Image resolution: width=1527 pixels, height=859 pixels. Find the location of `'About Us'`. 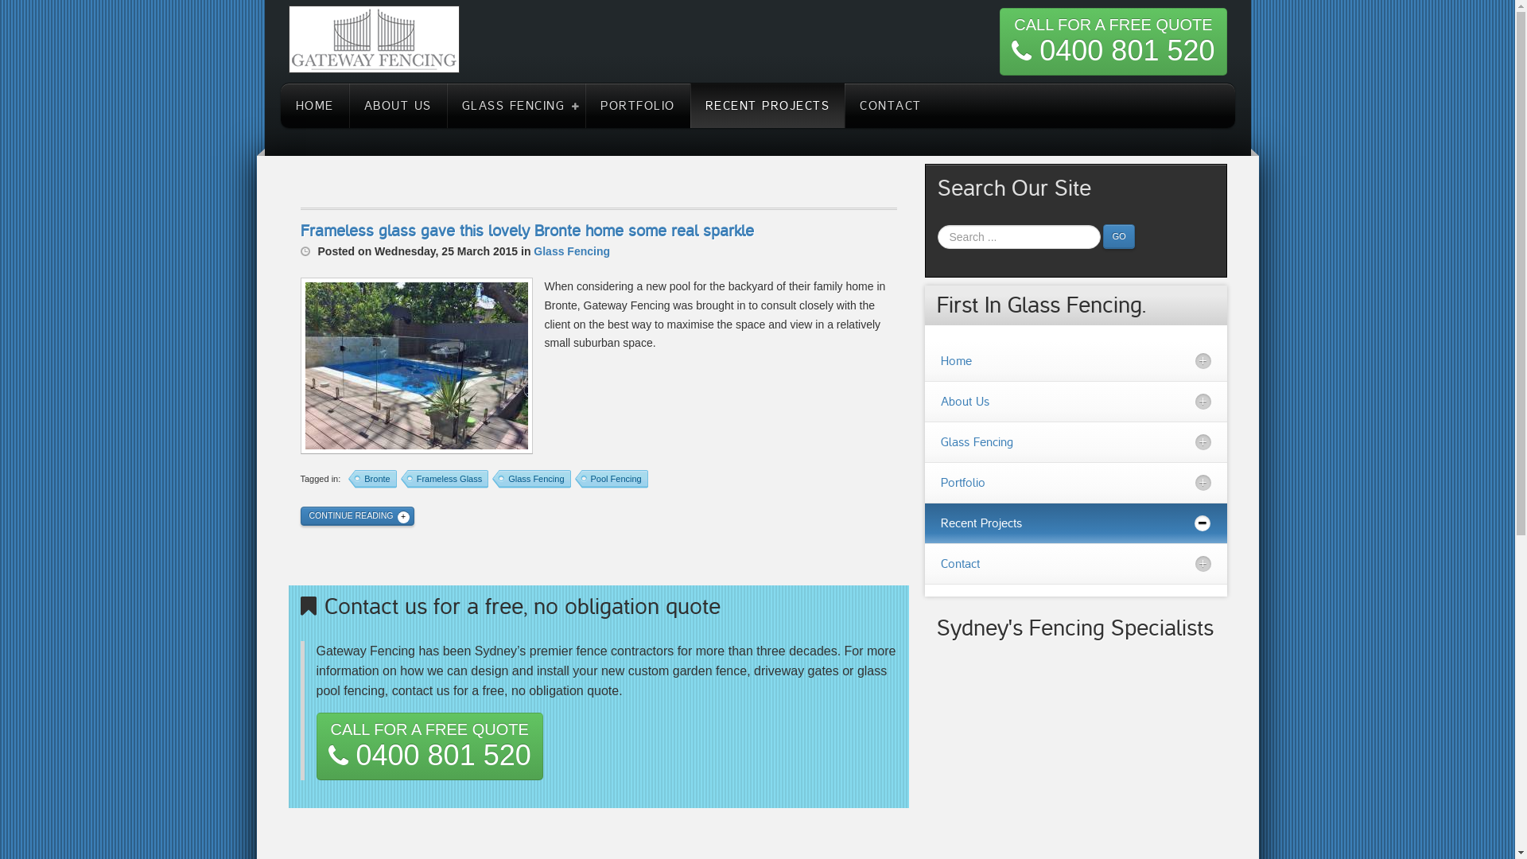

'About Us' is located at coordinates (1075, 401).